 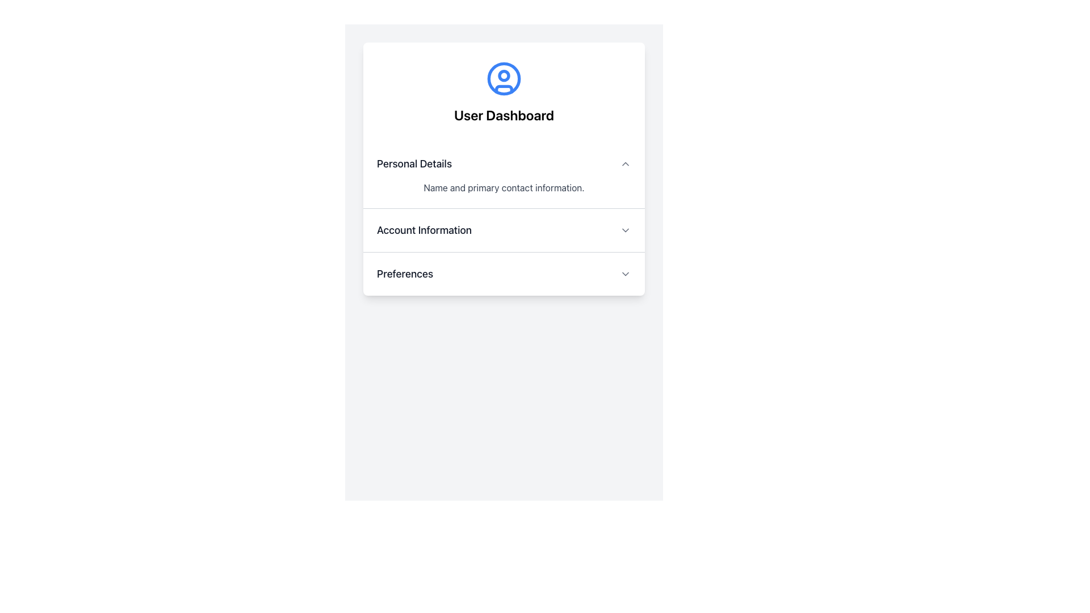 I want to click on the 'Preferences' text label, which is styled in bold, medium-large black font against a white background, located as the first item in a vertically stacked list of headings, so click(x=405, y=274).